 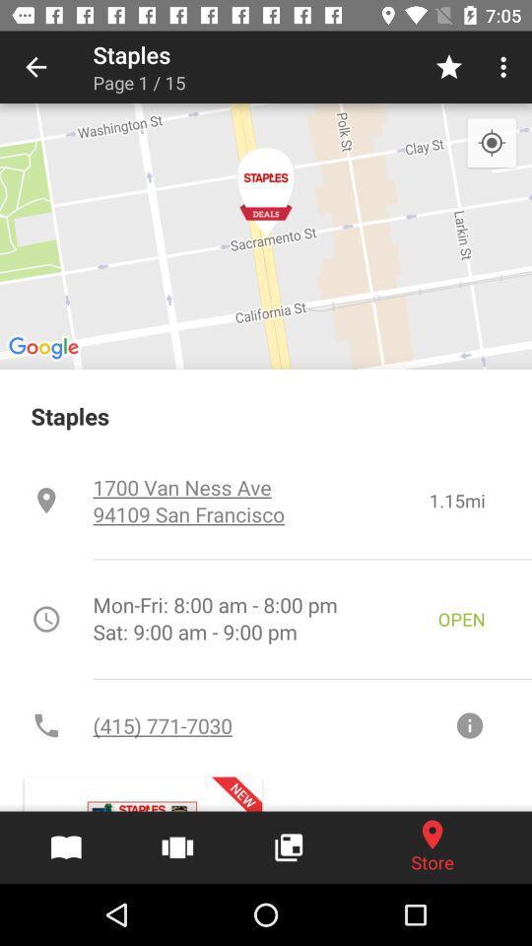 What do you see at coordinates (35, 67) in the screenshot?
I see `the item next to the staples item` at bounding box center [35, 67].